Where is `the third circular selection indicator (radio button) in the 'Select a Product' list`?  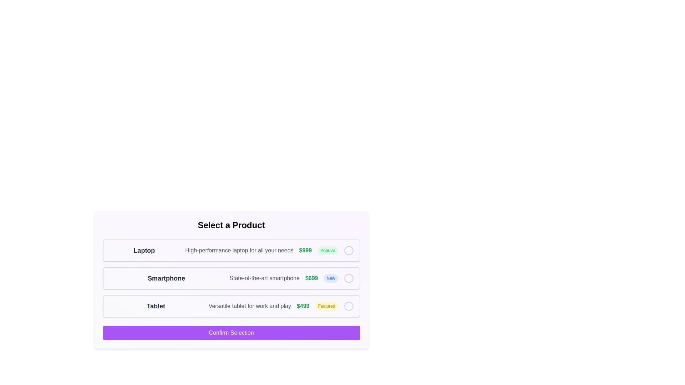
the third circular selection indicator (radio button) in the 'Select a Product' list is located at coordinates (349, 306).